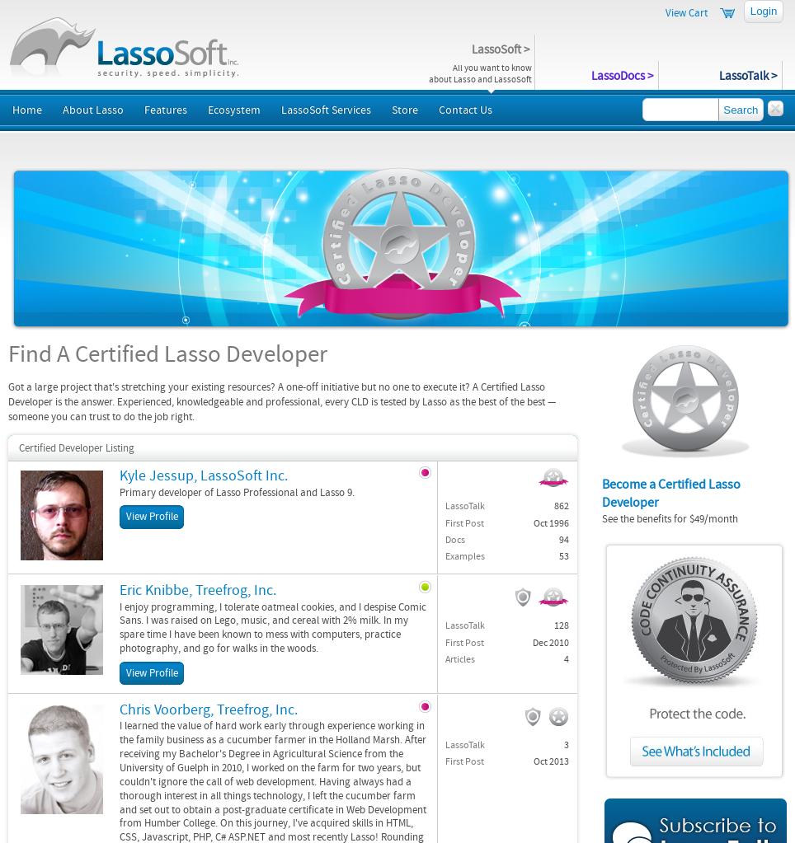 Image resolution: width=795 pixels, height=843 pixels. I want to click on 'Become a Certified Lasso Developer', so click(670, 492).